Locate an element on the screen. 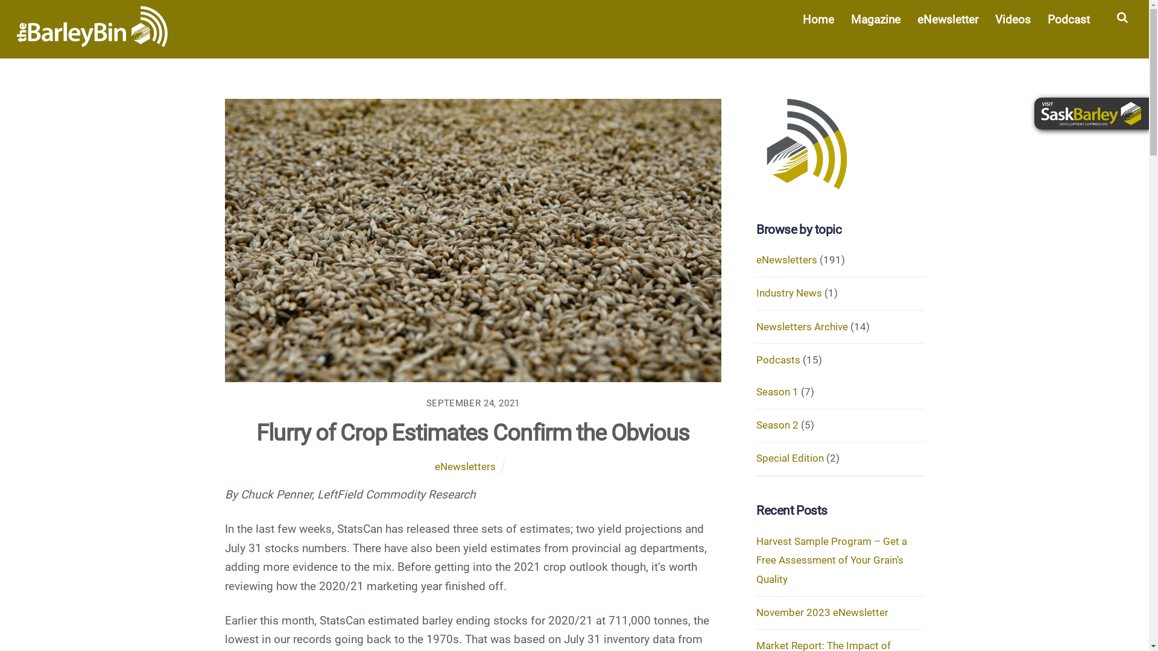  'Special Edition' is located at coordinates (790, 458).